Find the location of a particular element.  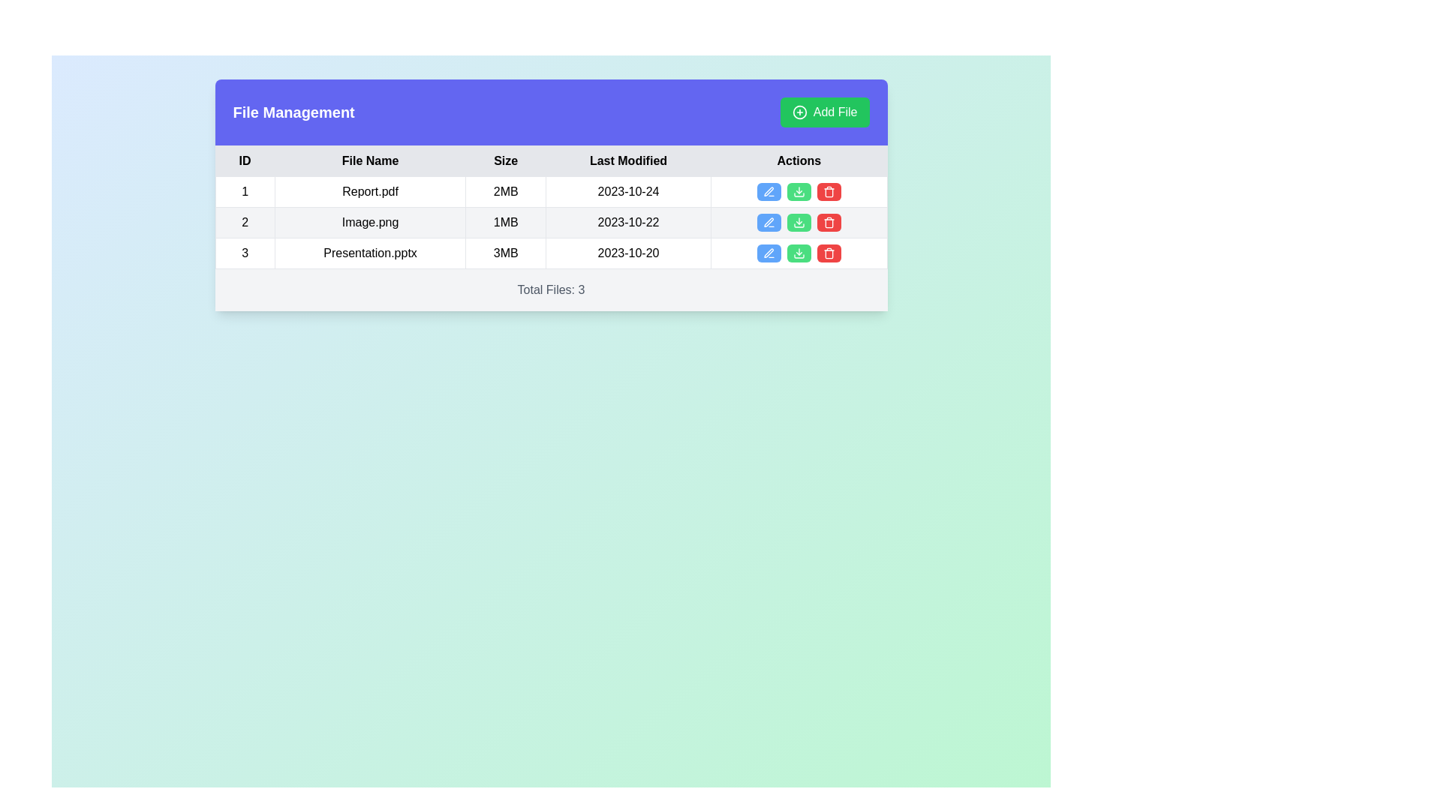

the table cell in the second row of the 'ID' column, which displays the row identifier or index value is located at coordinates (245, 223).